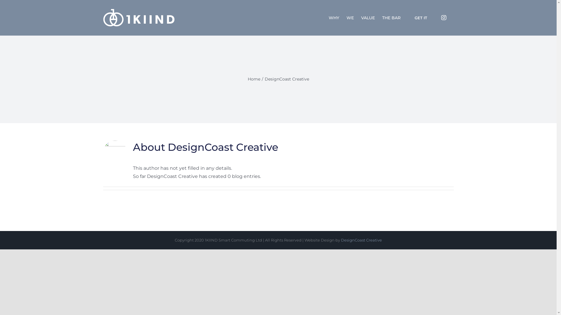 Image resolution: width=561 pixels, height=315 pixels. What do you see at coordinates (254, 79) in the screenshot?
I see `'Home'` at bounding box center [254, 79].